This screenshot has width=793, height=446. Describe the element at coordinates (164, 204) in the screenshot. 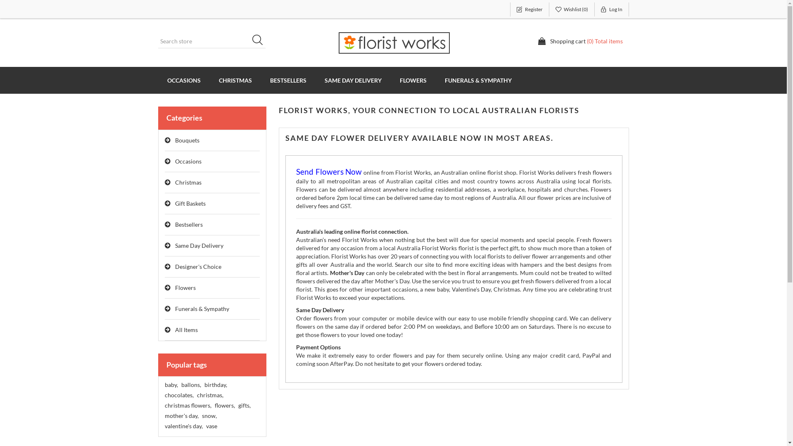

I see `'Gift Baskets'` at that location.